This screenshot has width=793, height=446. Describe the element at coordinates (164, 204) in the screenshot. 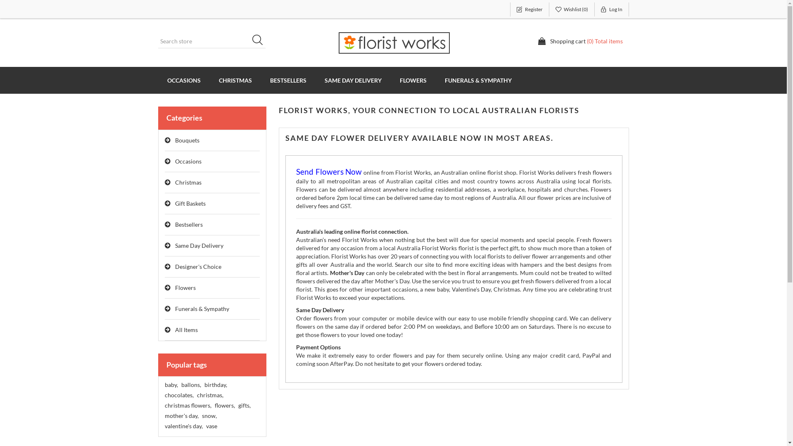

I see `'Gift Baskets'` at that location.